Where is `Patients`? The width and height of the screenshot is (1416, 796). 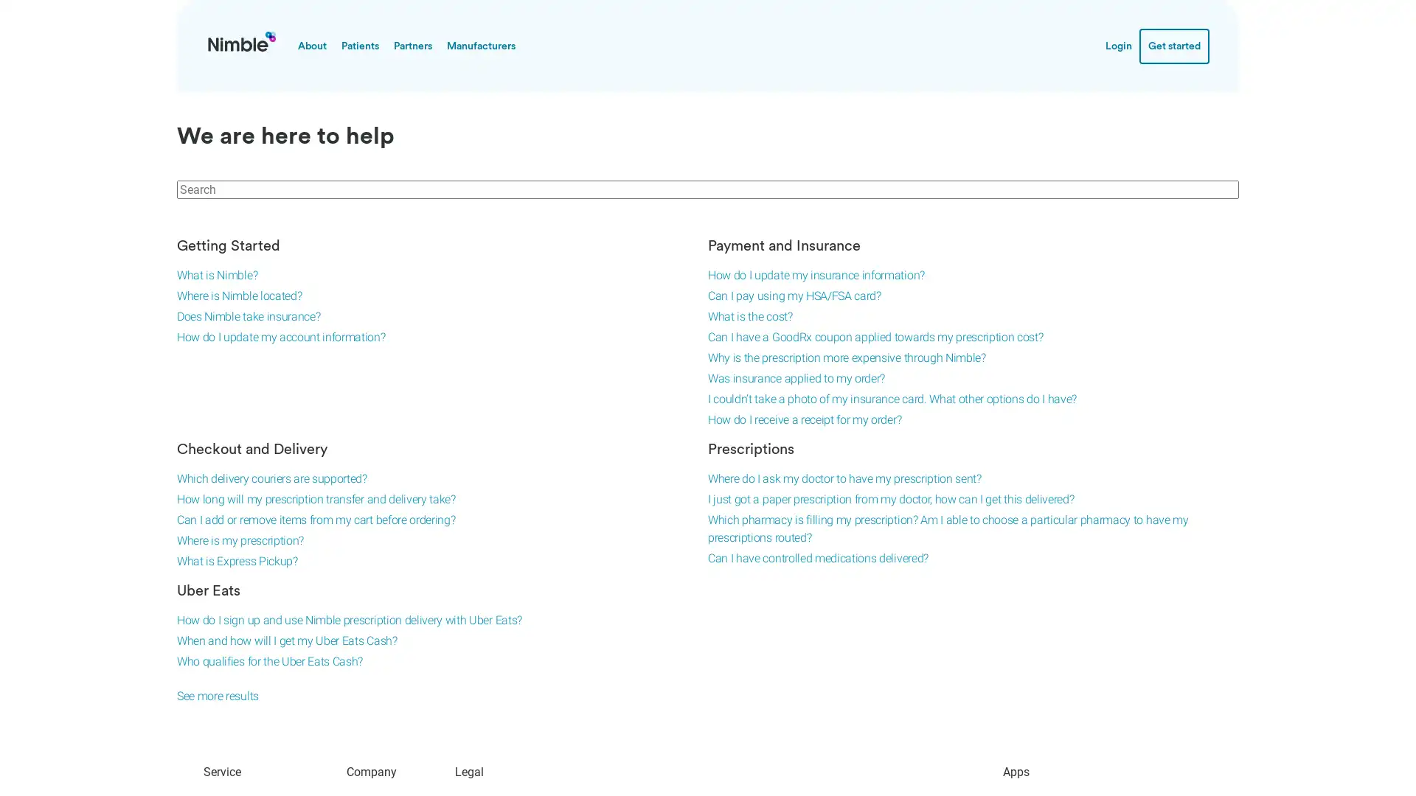 Patients is located at coordinates (360, 44).